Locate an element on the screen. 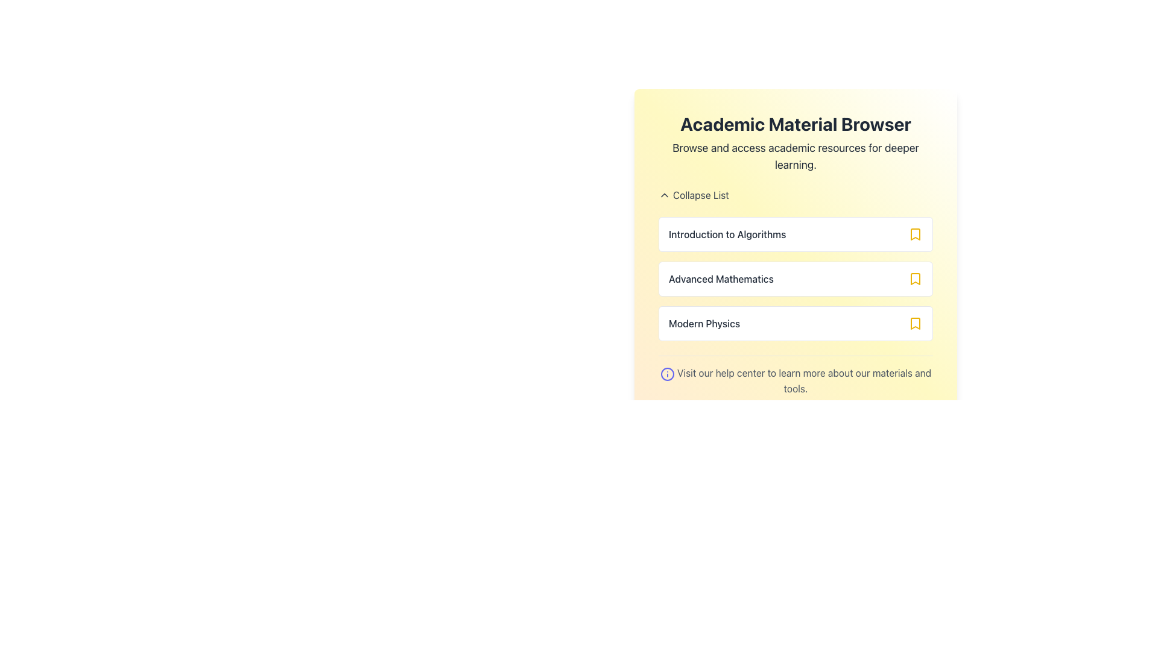  the 'Advanced Mathematics' text label in the academic browser interface, which is the second entry in a vertical list of subjects is located at coordinates (721, 278).